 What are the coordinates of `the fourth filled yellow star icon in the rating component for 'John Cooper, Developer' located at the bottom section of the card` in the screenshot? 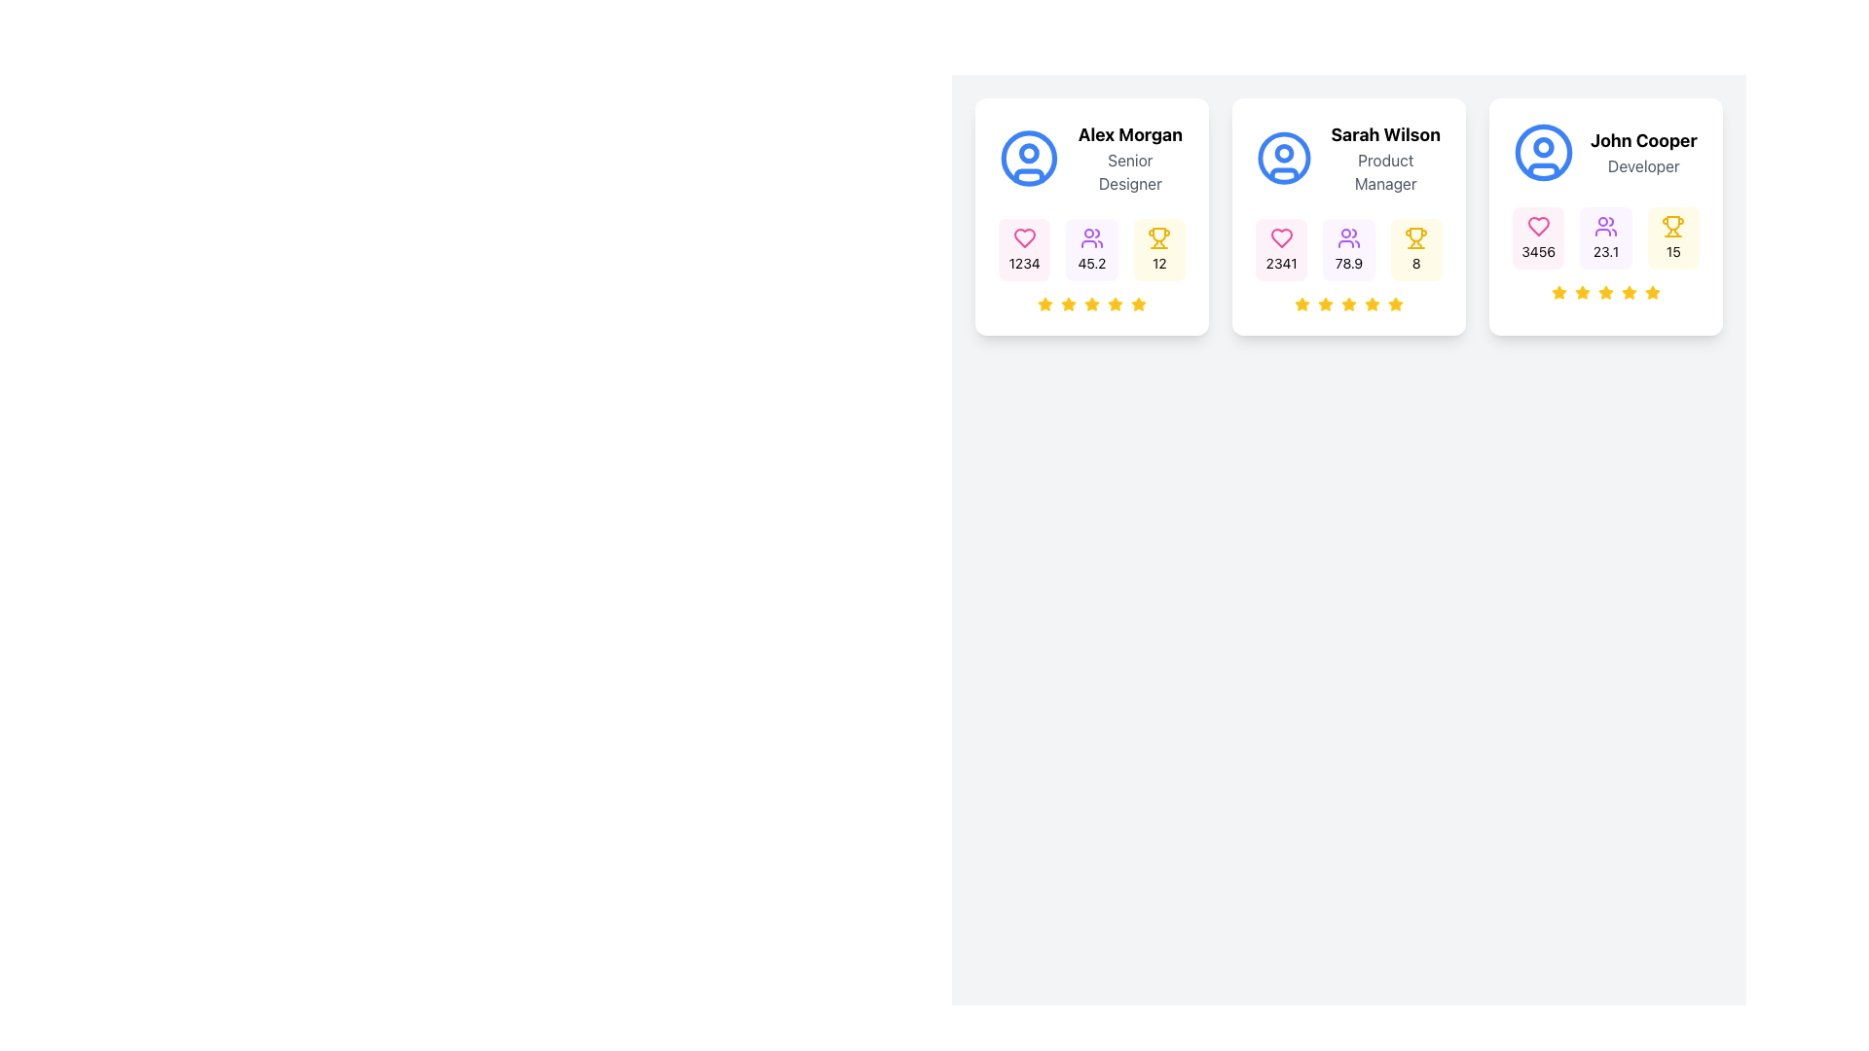 It's located at (1583, 292).